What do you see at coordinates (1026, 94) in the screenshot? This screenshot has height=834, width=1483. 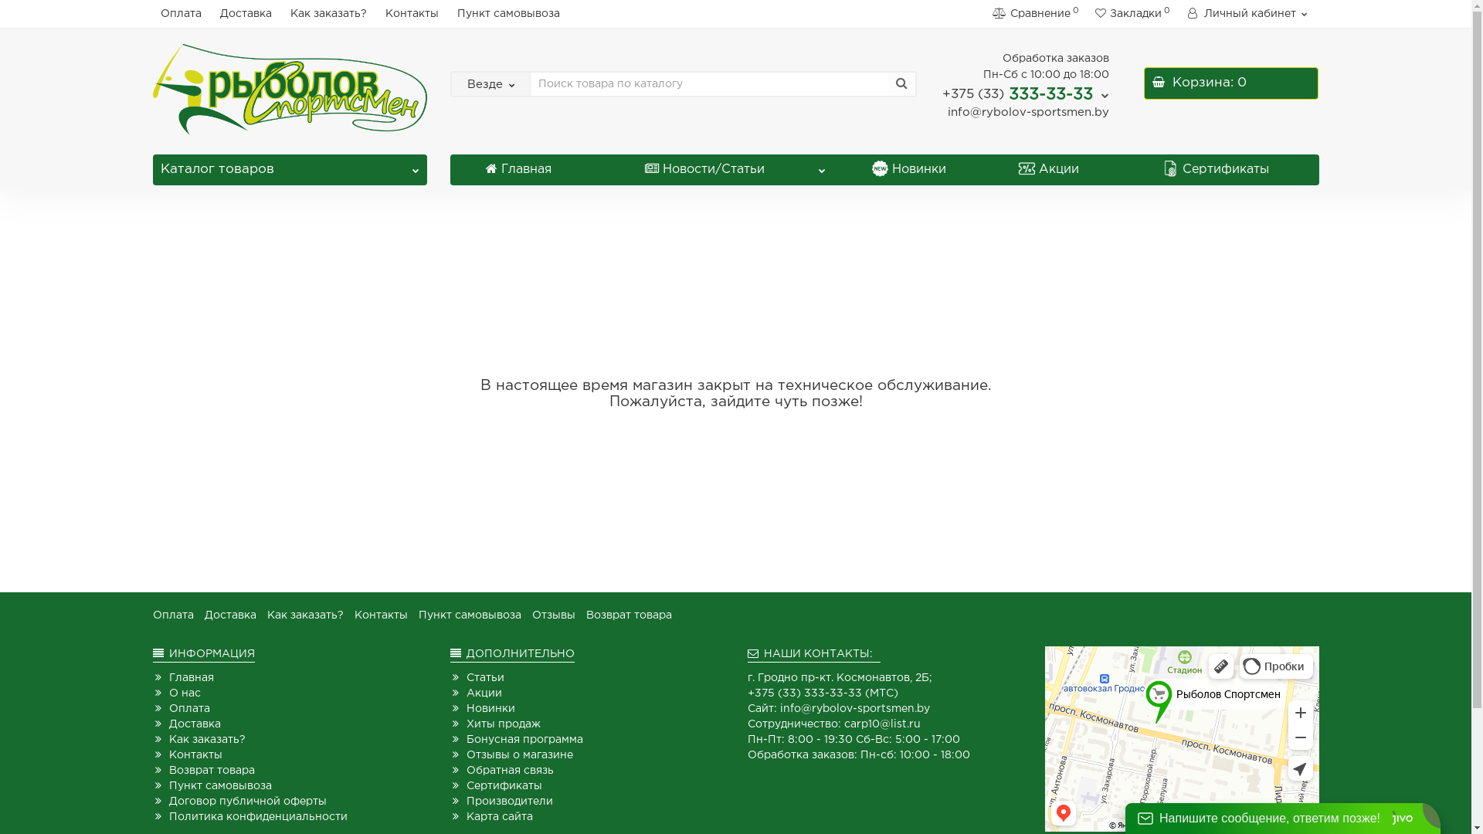 I see `'+375 (33) 333-33-33'` at bounding box center [1026, 94].